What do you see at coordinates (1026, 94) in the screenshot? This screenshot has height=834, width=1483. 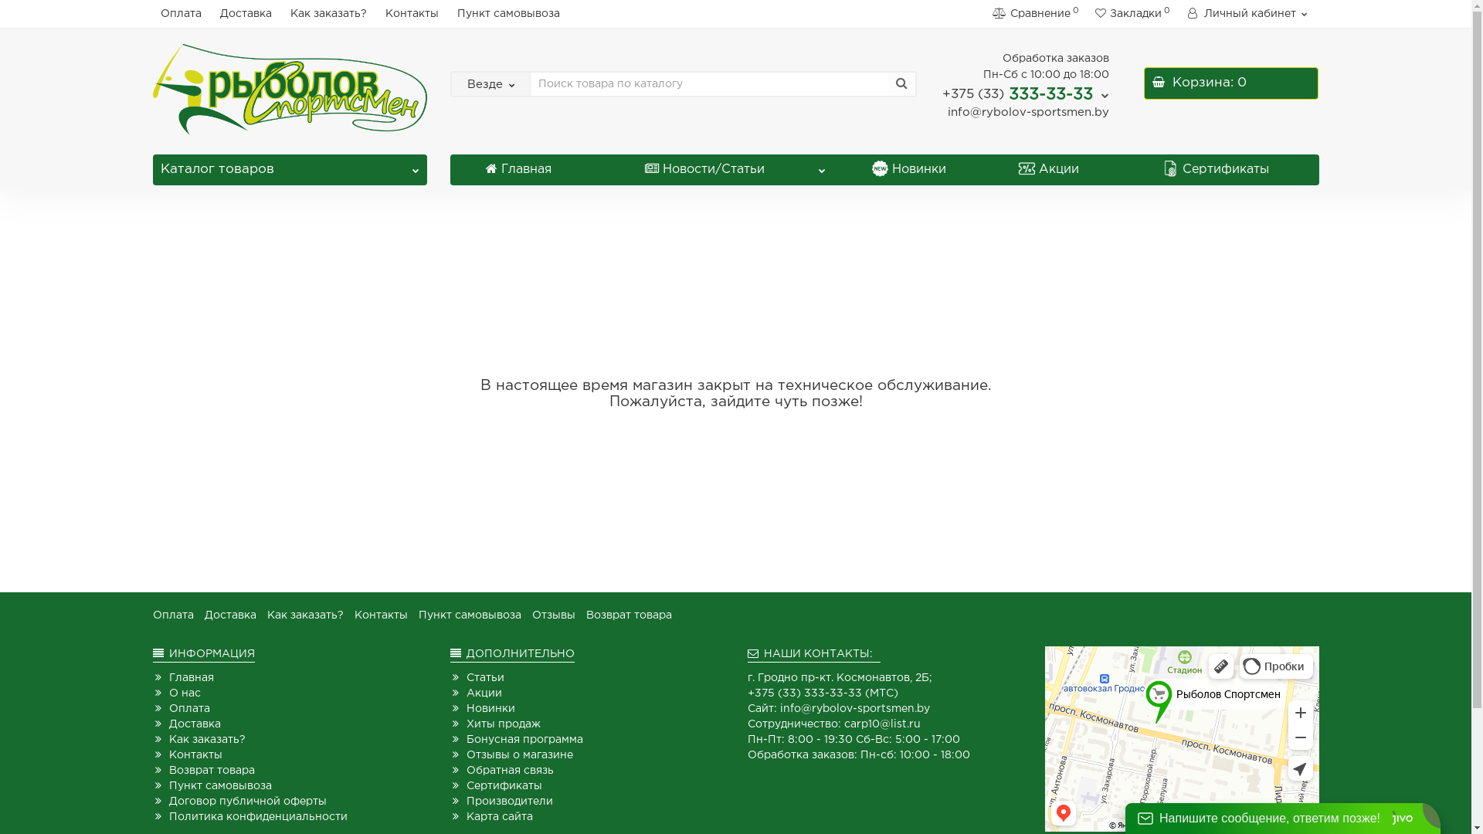 I see `'+375 (33) 333-33-33'` at bounding box center [1026, 94].